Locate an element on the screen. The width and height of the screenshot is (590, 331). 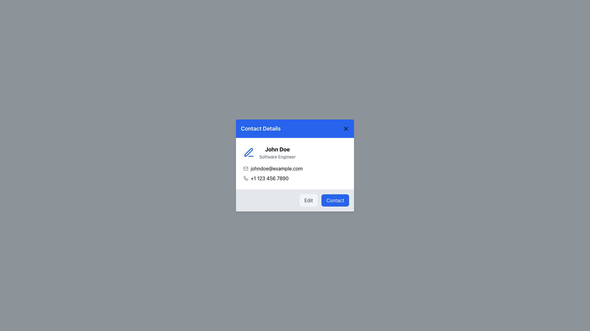
the envelope icon located to the left of the email address 'johndoe@example.com' is located at coordinates (246, 169).